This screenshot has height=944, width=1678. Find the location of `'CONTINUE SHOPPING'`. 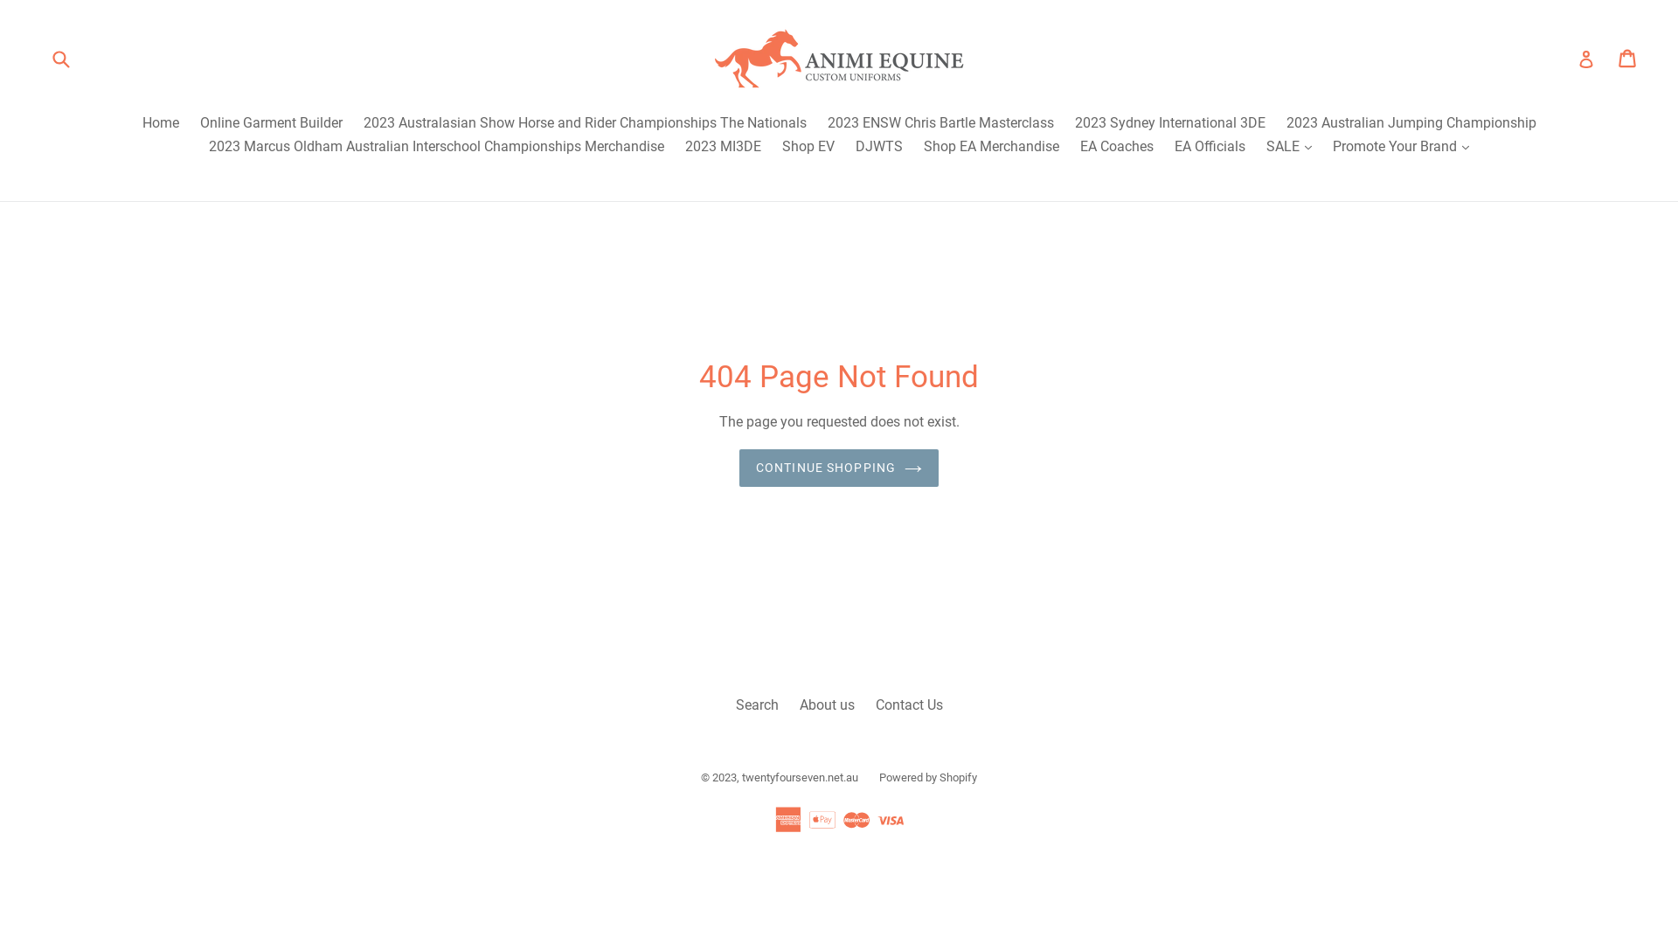

'CONTINUE SHOPPING' is located at coordinates (839, 467).